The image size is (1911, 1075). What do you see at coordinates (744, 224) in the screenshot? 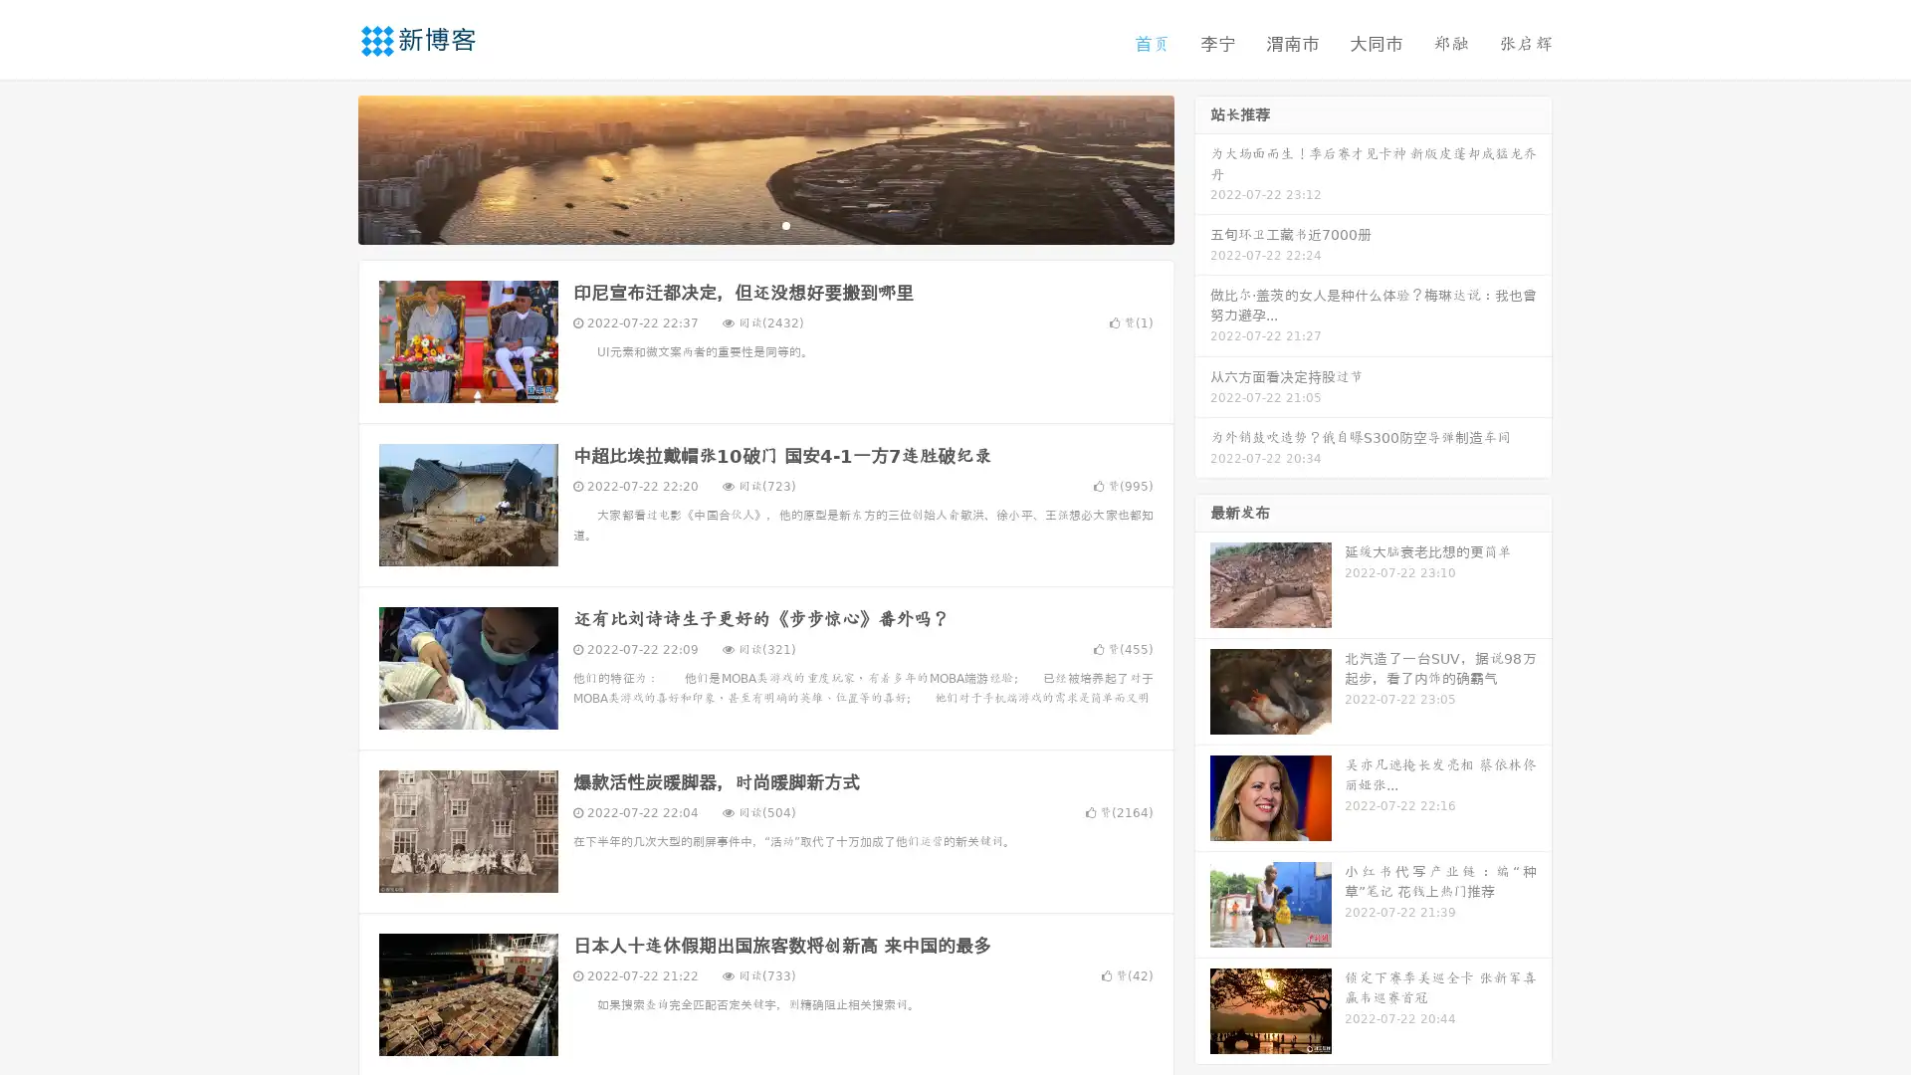
I see `Go to slide 1` at bounding box center [744, 224].